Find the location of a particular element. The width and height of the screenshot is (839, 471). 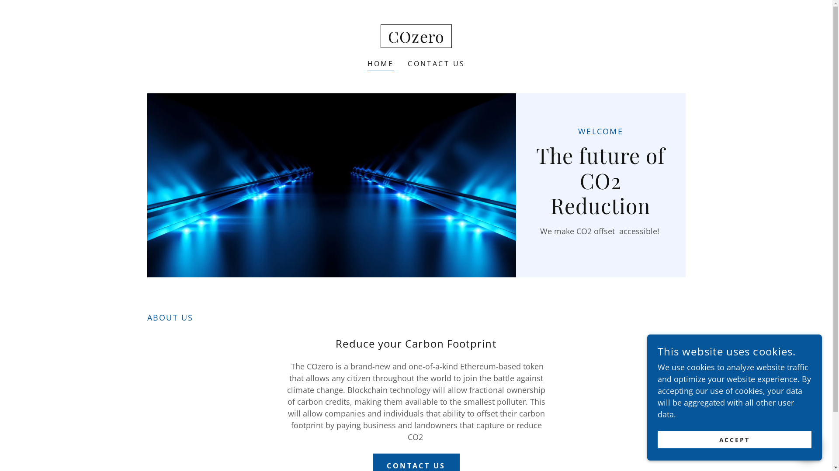

'CONTACT US' is located at coordinates (404, 63).